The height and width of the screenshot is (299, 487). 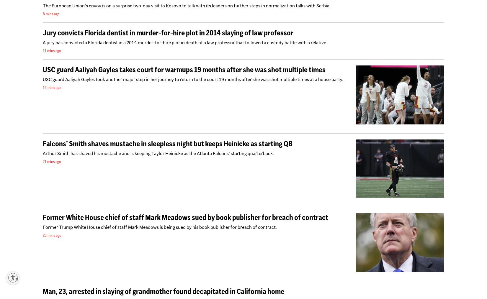 What do you see at coordinates (167, 143) in the screenshot?
I see `'Falcons’ Smith shaves mustache in sleepless night but keeps Heinicke as starting QB'` at bounding box center [167, 143].